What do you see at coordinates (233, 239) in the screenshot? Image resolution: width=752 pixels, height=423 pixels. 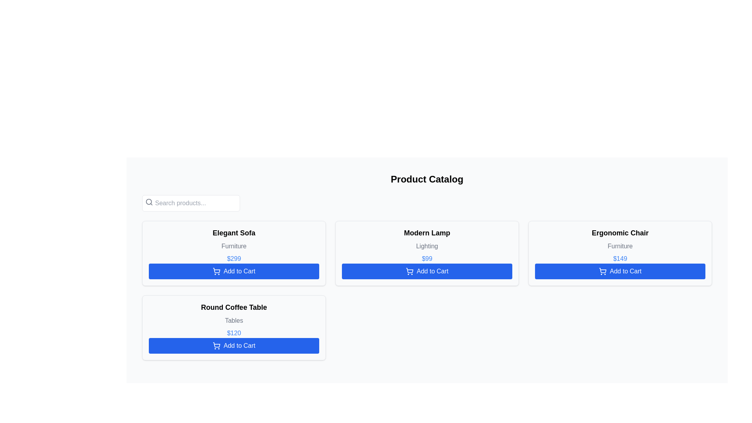 I see `the text display element that shows the name and category of the product item, located at the top-center of the card component, above the pricing text` at bounding box center [233, 239].